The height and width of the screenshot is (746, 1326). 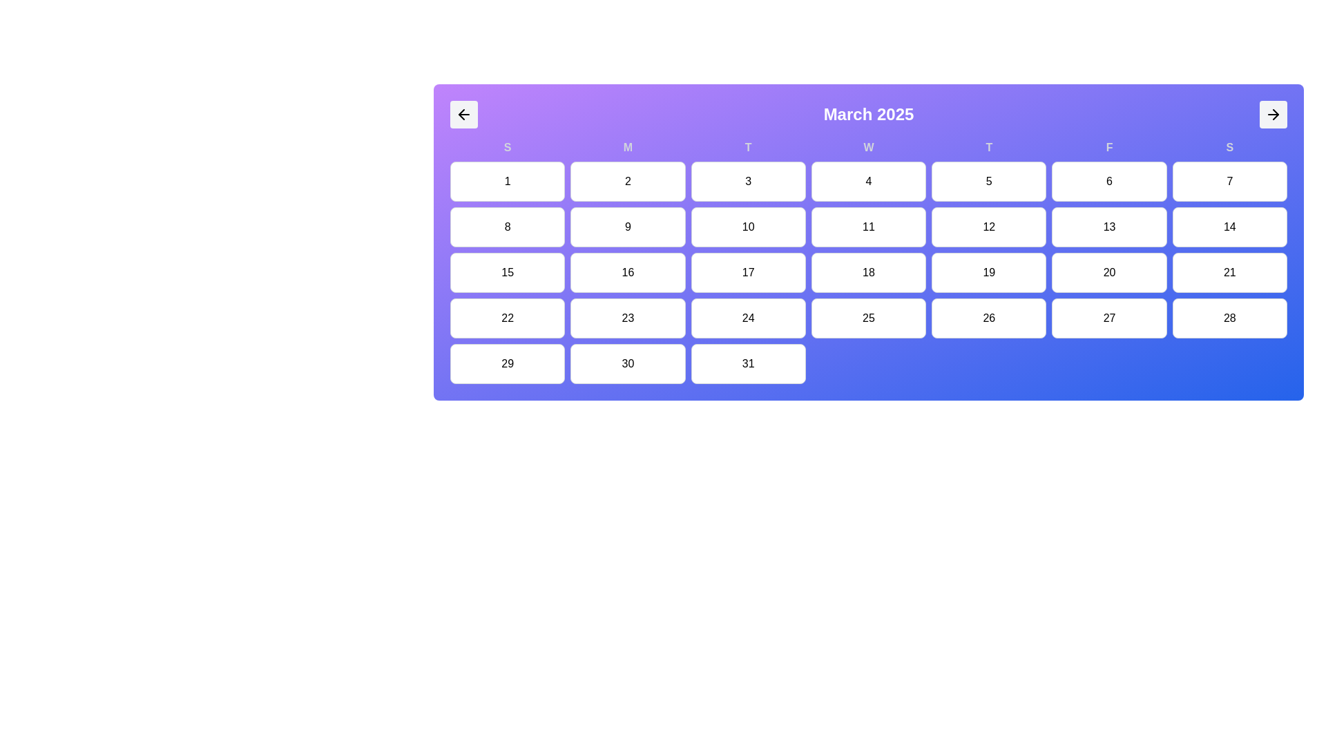 What do you see at coordinates (988, 226) in the screenshot?
I see `the grid cell representing the 12th day in the calendar view` at bounding box center [988, 226].